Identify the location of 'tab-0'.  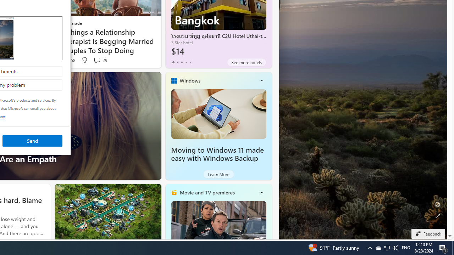
(173, 62).